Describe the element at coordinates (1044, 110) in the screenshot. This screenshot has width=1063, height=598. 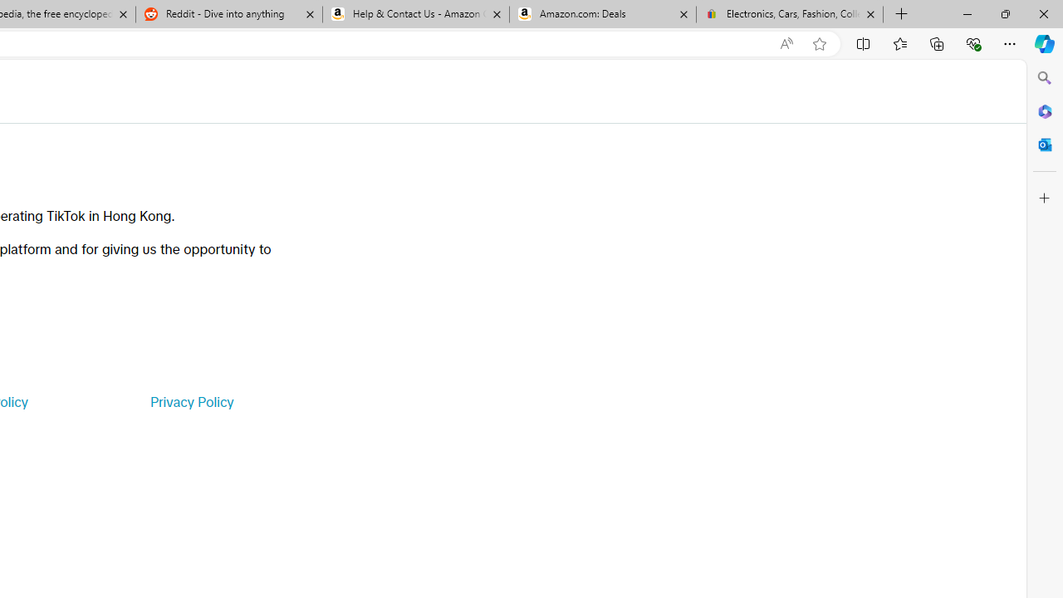
I see `'Microsoft 365'` at that location.